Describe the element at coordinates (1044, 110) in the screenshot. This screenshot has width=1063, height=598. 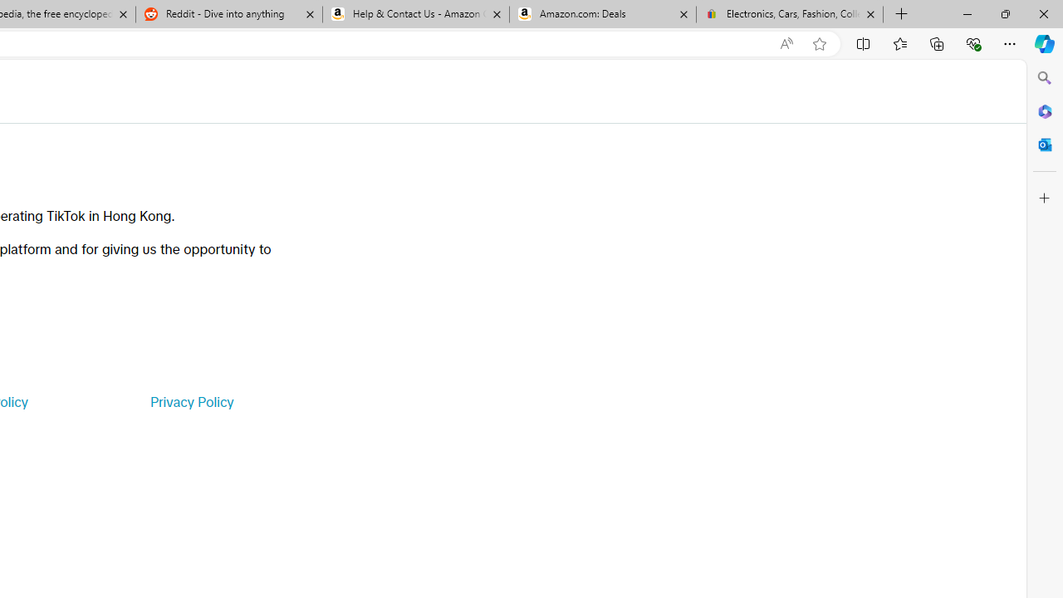
I see `'Microsoft 365'` at that location.